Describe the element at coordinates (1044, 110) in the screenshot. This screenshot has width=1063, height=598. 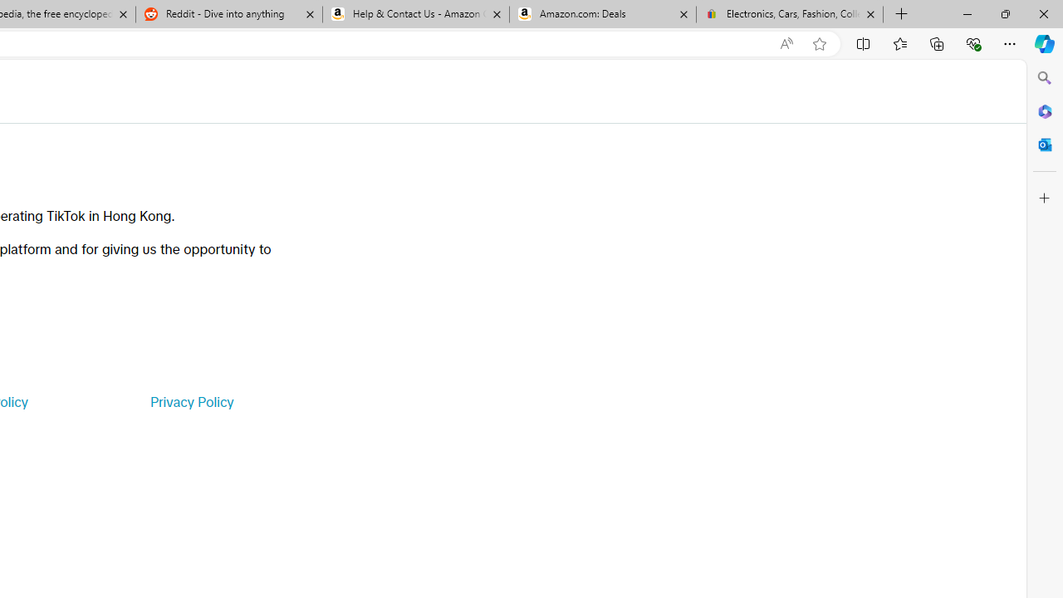
I see `'Microsoft 365'` at that location.